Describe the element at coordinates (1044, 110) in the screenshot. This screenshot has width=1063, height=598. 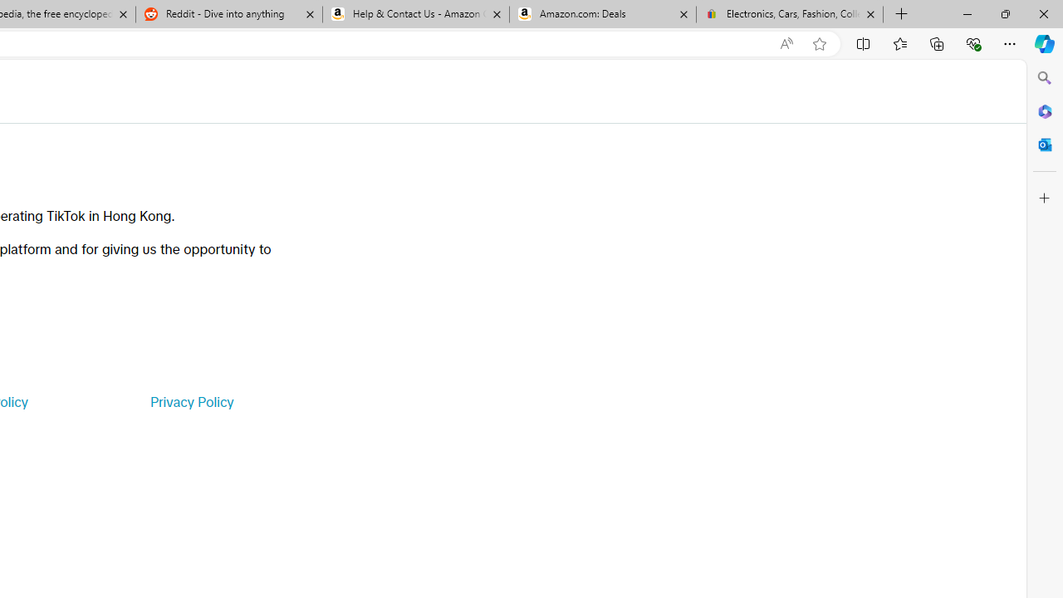
I see `'Microsoft 365'` at that location.